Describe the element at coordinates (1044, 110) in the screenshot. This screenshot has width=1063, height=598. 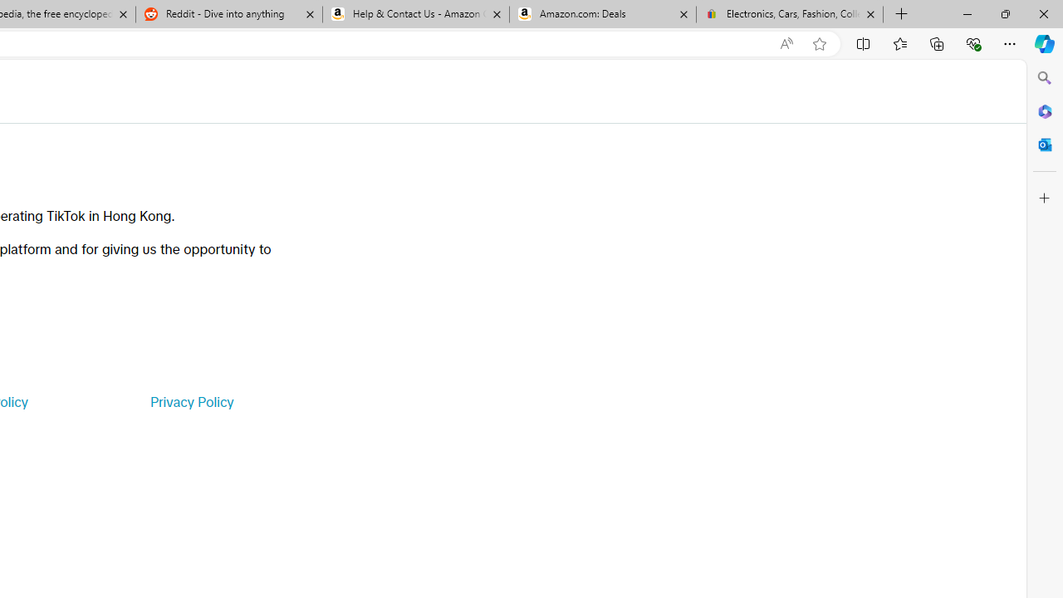
I see `'Microsoft 365'` at that location.